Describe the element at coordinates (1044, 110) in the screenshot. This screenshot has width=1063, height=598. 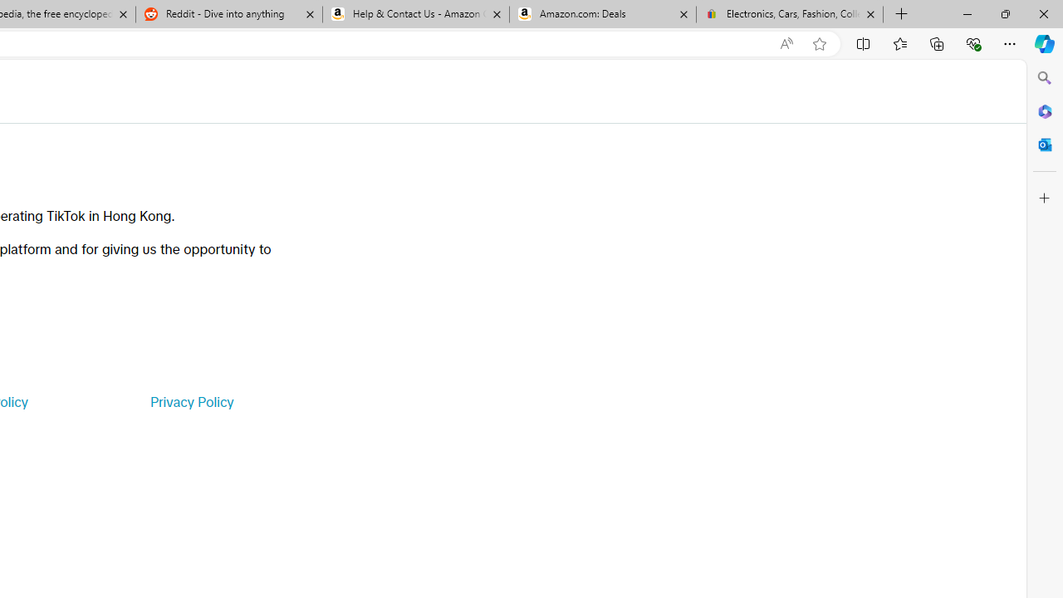
I see `'Microsoft 365'` at that location.